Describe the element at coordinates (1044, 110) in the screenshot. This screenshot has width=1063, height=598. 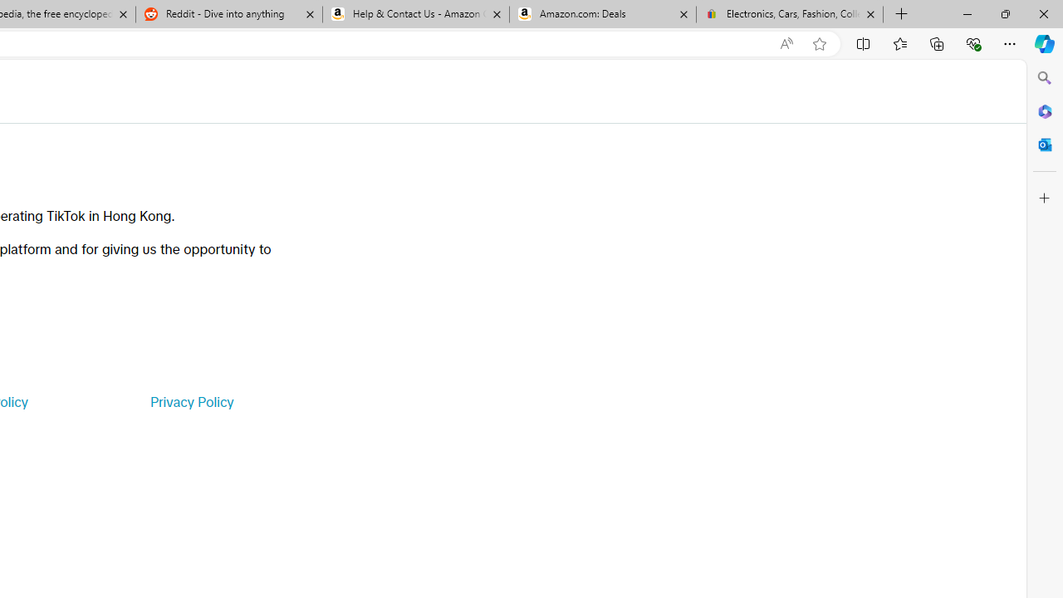
I see `'Microsoft 365'` at that location.